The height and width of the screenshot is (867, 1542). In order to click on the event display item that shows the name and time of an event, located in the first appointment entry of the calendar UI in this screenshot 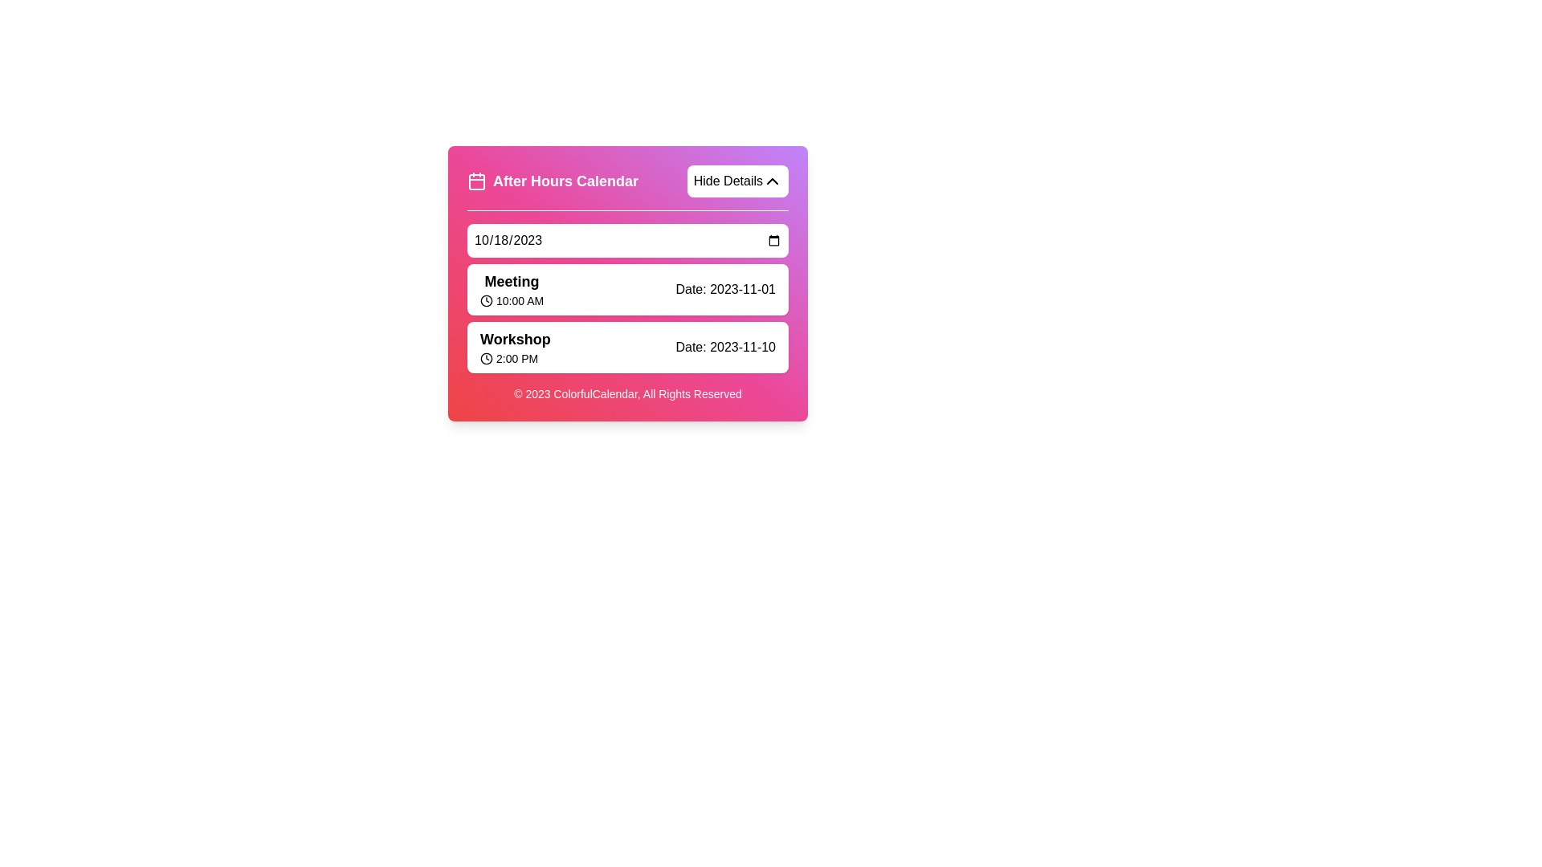, I will do `click(511, 290)`.